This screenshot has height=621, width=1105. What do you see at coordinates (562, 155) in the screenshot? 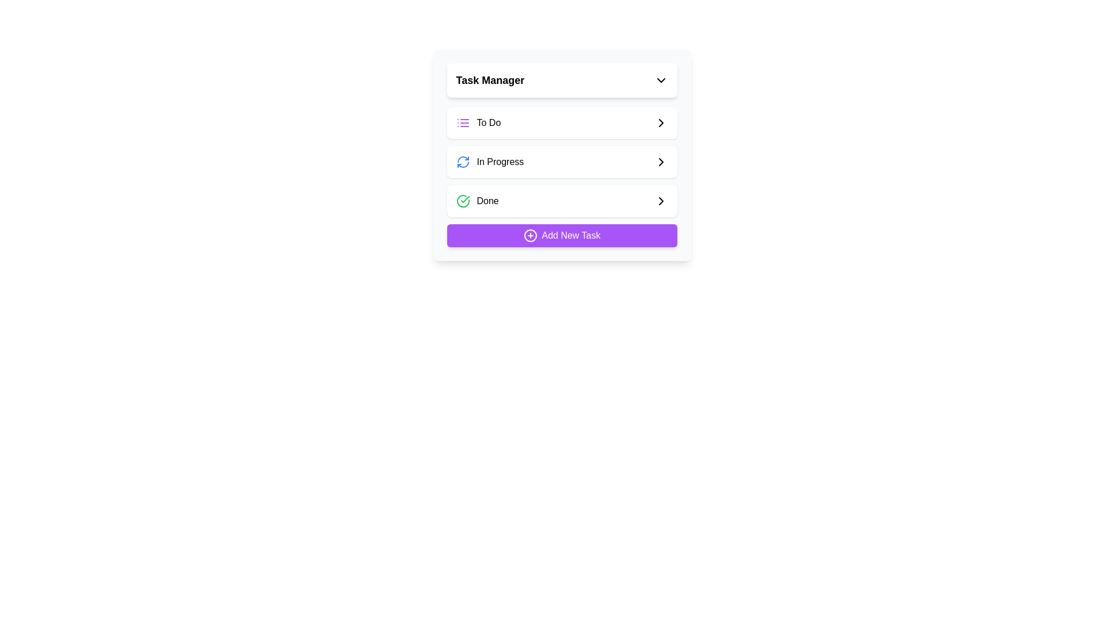
I see `the 'In Progress' item within the task tracker interface` at bounding box center [562, 155].